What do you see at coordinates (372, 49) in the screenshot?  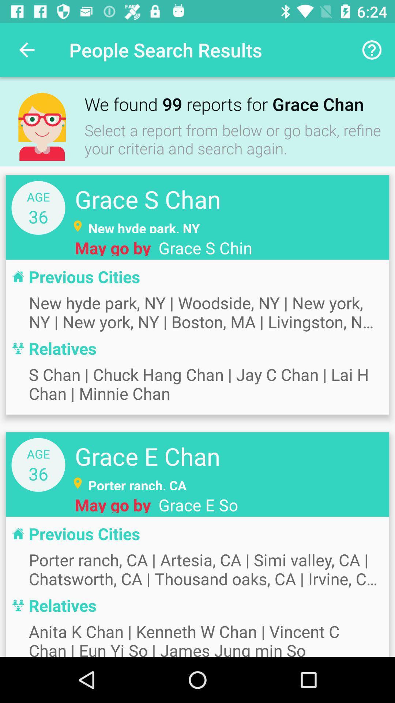 I see `the icon above we found 99 item` at bounding box center [372, 49].